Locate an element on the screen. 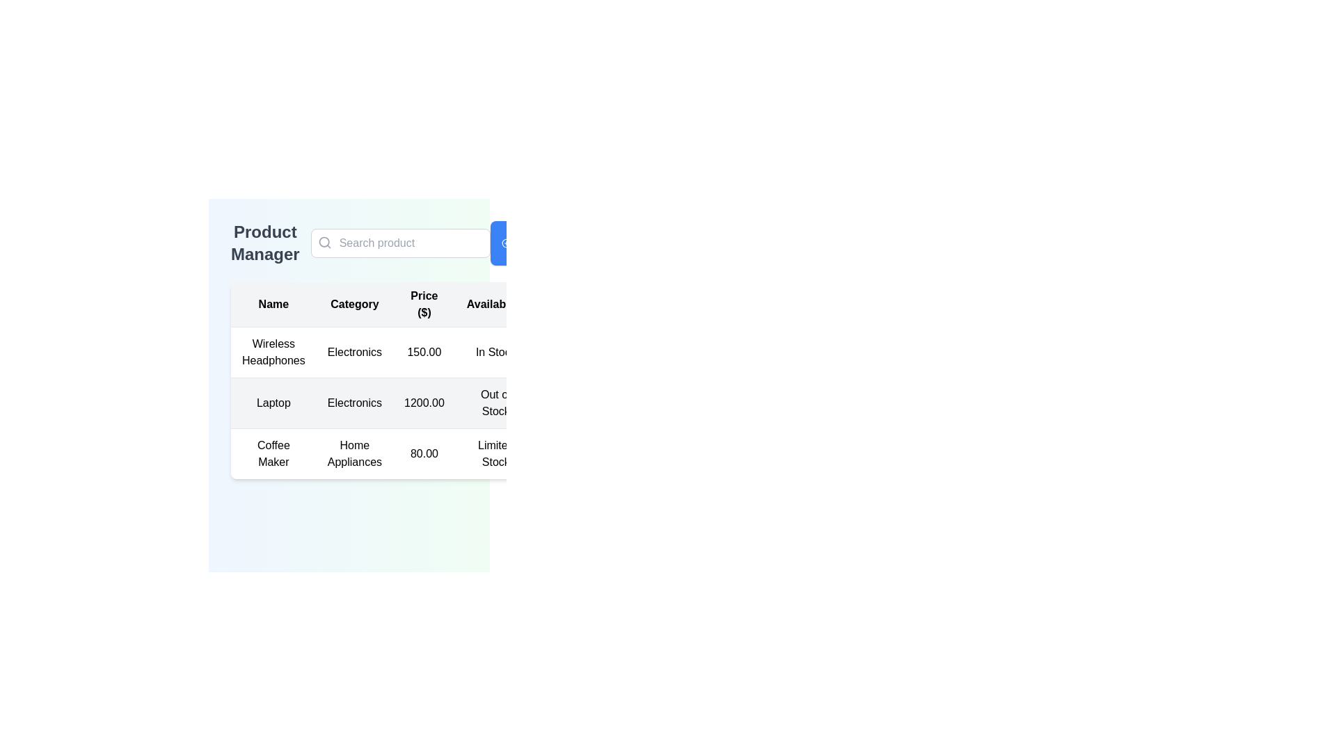 The height and width of the screenshot is (751, 1336). the 'In Stock' text label in the fourth column of the first row of the product manager layout table is located at coordinates (495, 351).